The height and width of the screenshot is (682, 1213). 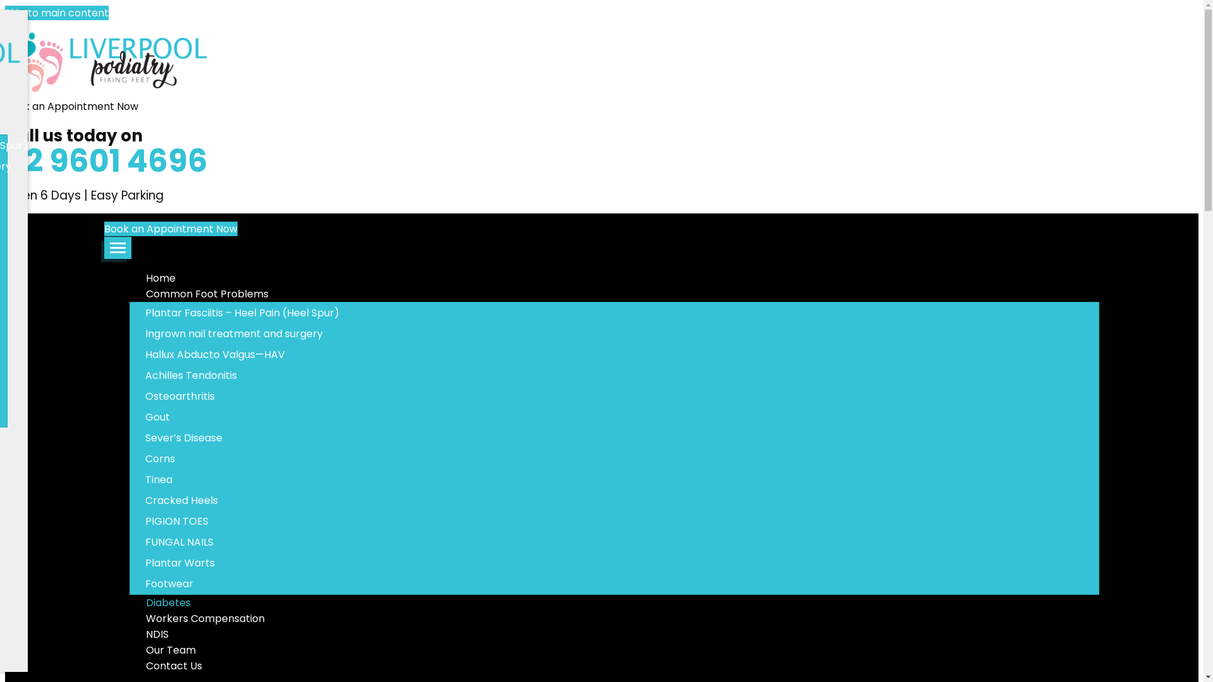 I want to click on 'Skip to main content', so click(x=56, y=13).